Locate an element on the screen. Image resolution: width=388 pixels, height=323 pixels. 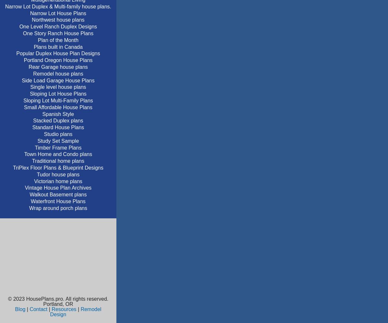
'Spanish Style' is located at coordinates (58, 113).